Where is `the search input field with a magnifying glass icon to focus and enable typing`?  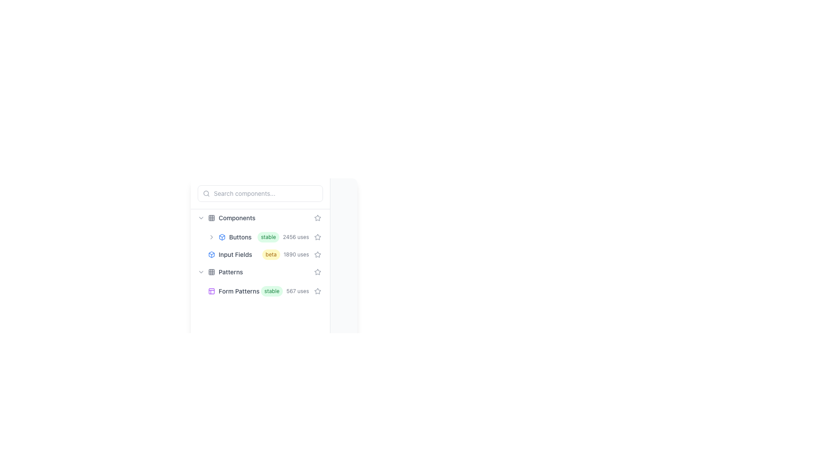
the search input field with a magnifying glass icon to focus and enable typing is located at coordinates (260, 193).